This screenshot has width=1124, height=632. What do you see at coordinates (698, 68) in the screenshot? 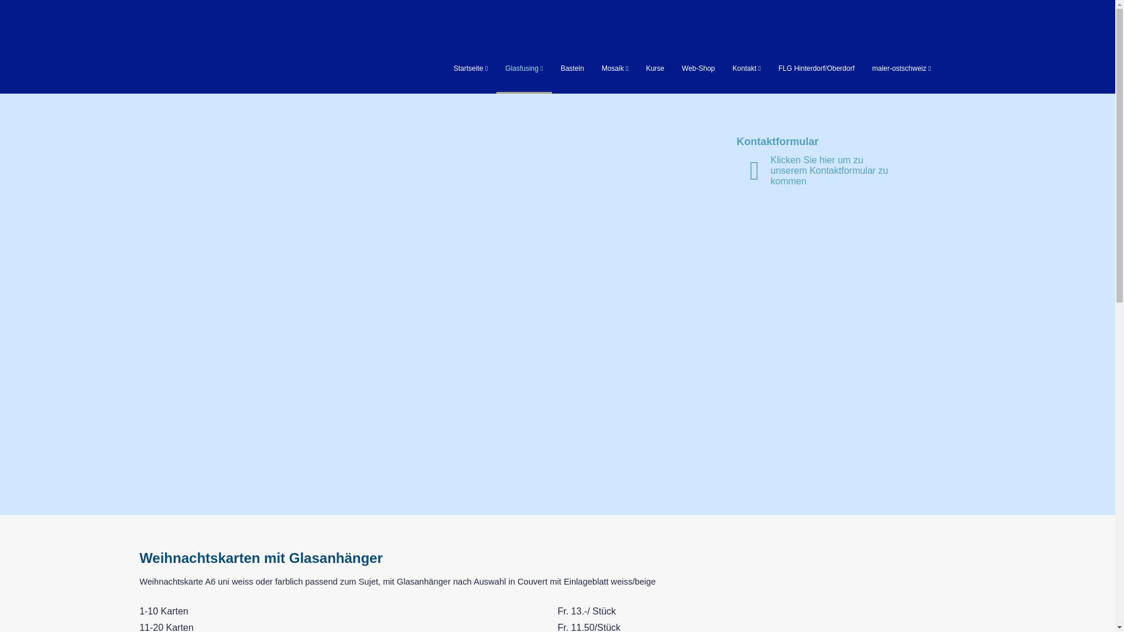
I see `'Web-Shop'` at bounding box center [698, 68].